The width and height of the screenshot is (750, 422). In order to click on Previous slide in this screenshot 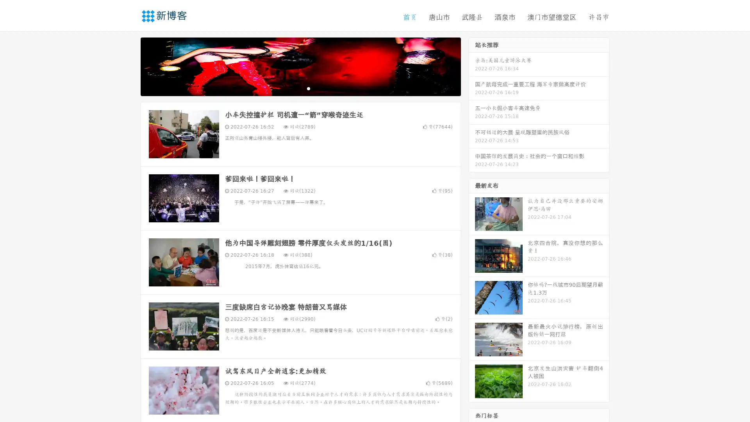, I will do `click(129, 66)`.